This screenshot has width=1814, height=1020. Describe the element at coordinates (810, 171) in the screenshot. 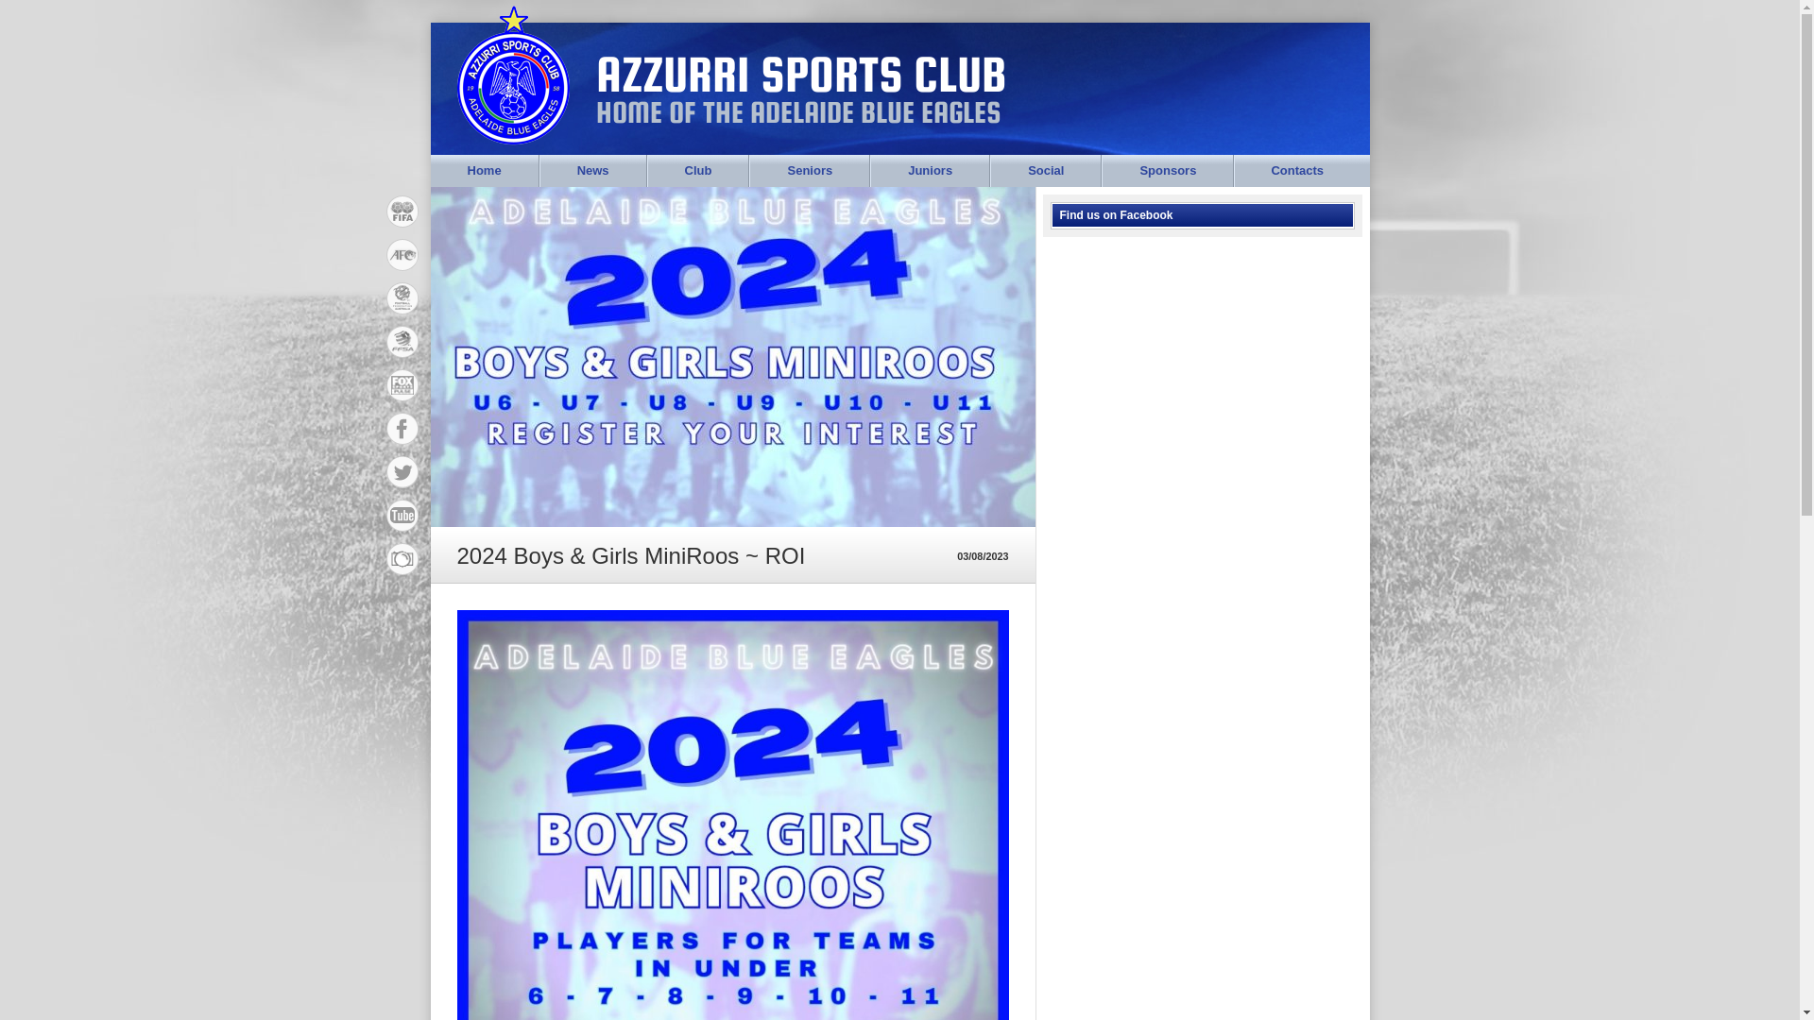

I see `'Seniors'` at that location.